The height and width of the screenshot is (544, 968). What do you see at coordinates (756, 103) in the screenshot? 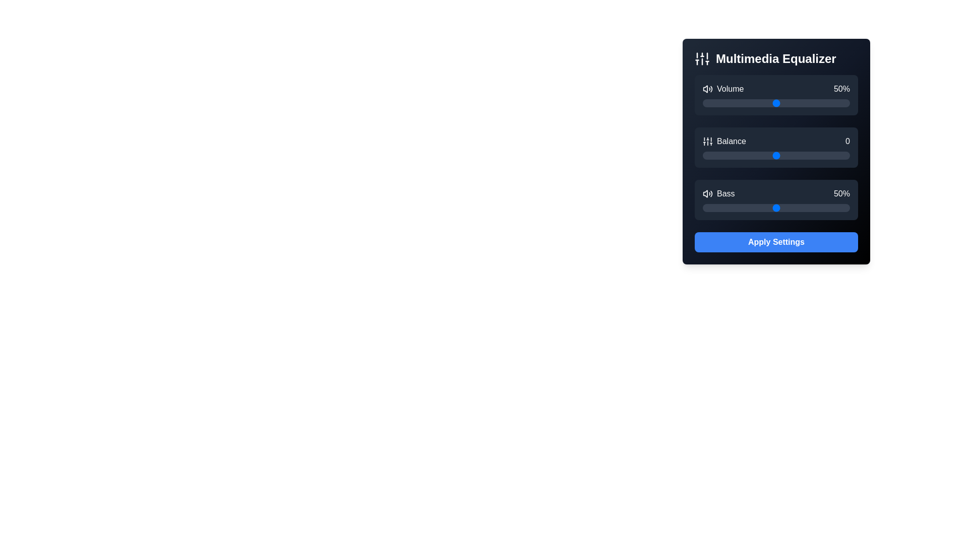
I see `the volume level` at bounding box center [756, 103].